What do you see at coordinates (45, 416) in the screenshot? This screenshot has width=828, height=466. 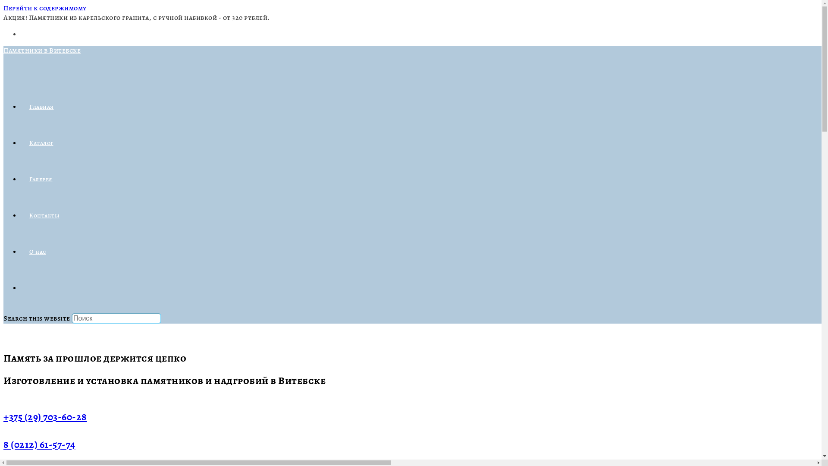 I see `'+375 (29) 703-60-28'` at bounding box center [45, 416].